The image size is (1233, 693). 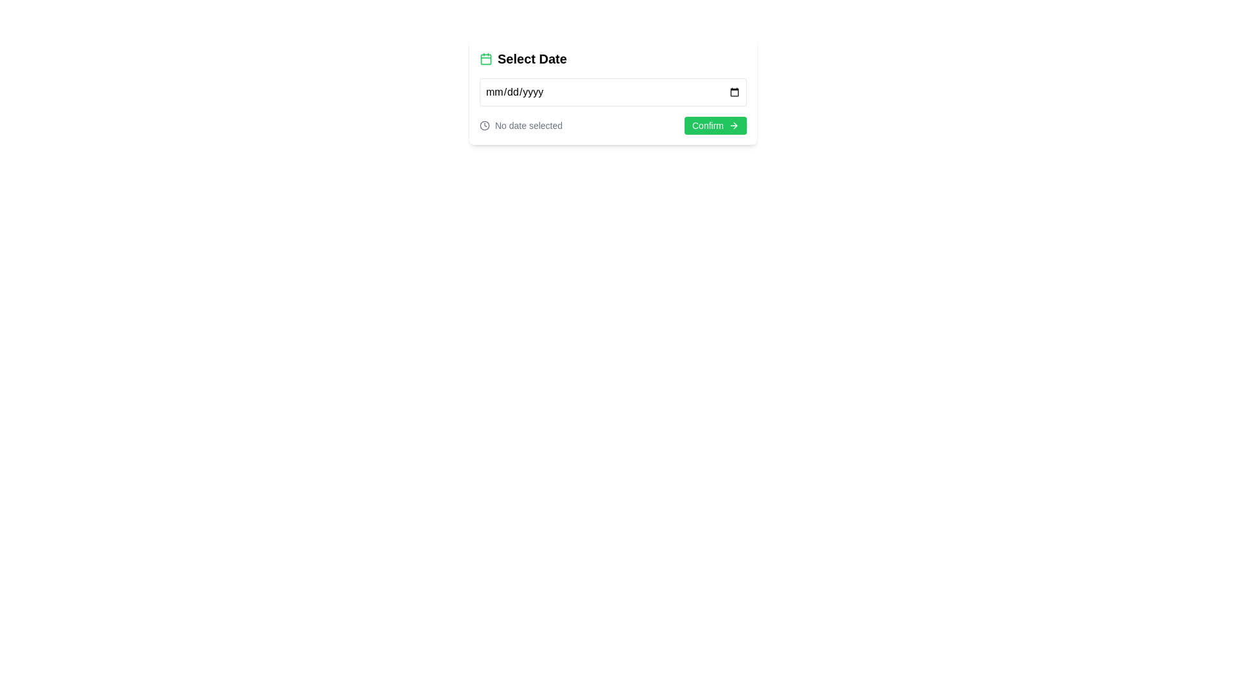 I want to click on the text label that indicates no date has been chosen in the date selection process, located below the 'Select Date' label and to the left of the 'Confirm' button, so click(x=529, y=126).